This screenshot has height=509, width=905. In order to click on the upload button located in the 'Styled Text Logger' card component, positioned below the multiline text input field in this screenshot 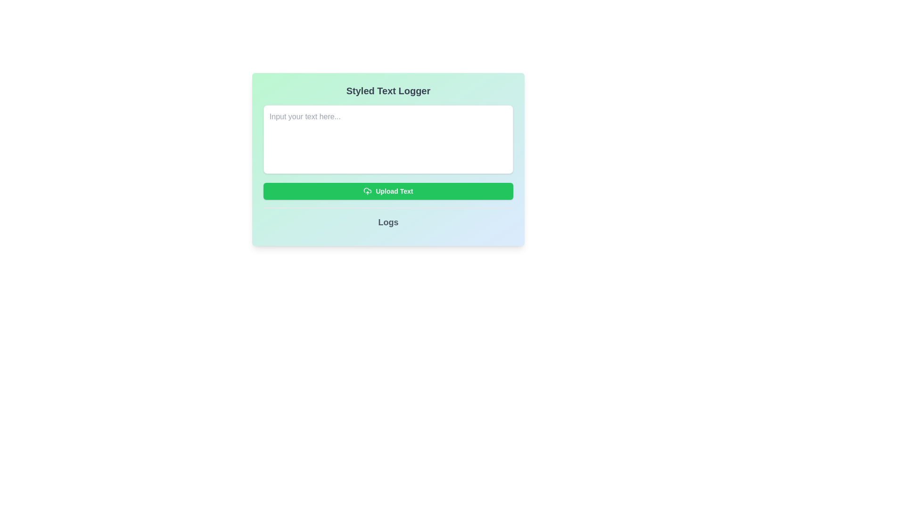, I will do `click(388, 191)`.